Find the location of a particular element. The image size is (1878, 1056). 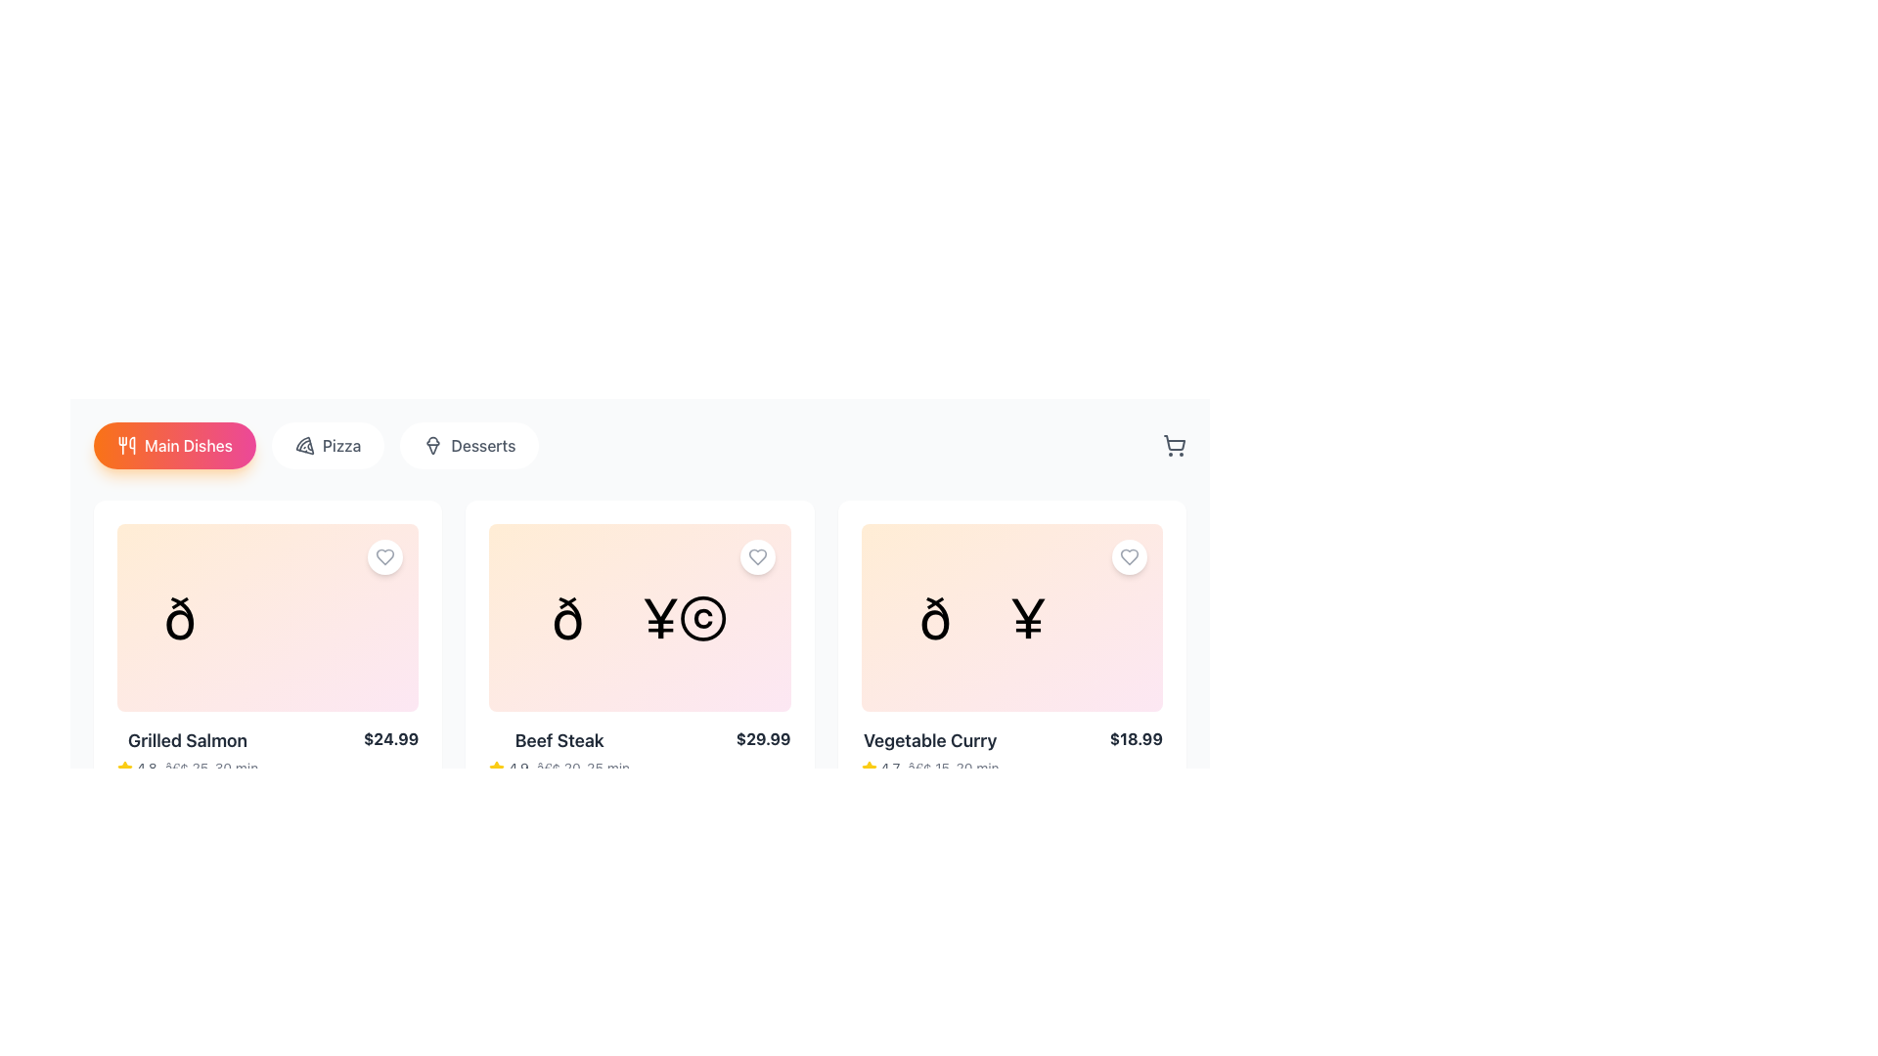

the first button in the horizontal list to filter and display items categorized under 'Main Dishes.' is located at coordinates (174, 445).